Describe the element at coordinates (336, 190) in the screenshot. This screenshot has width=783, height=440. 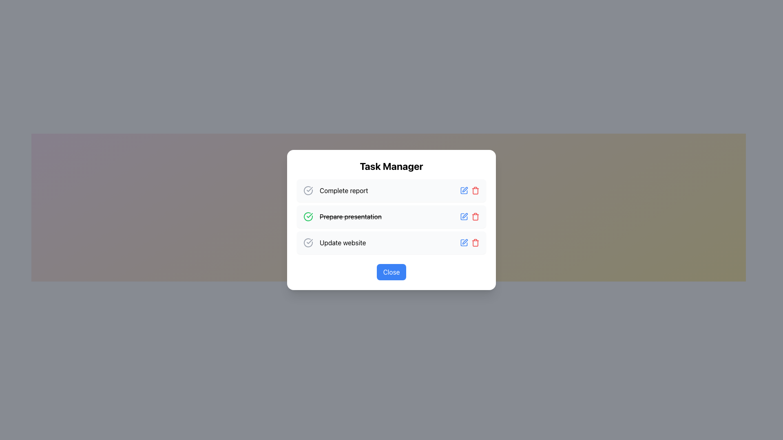
I see `to select the first task item labeled 'Complete report' in the 'Task Manager' modal, which features a checkmark icon and is positioned above other tasks` at that location.